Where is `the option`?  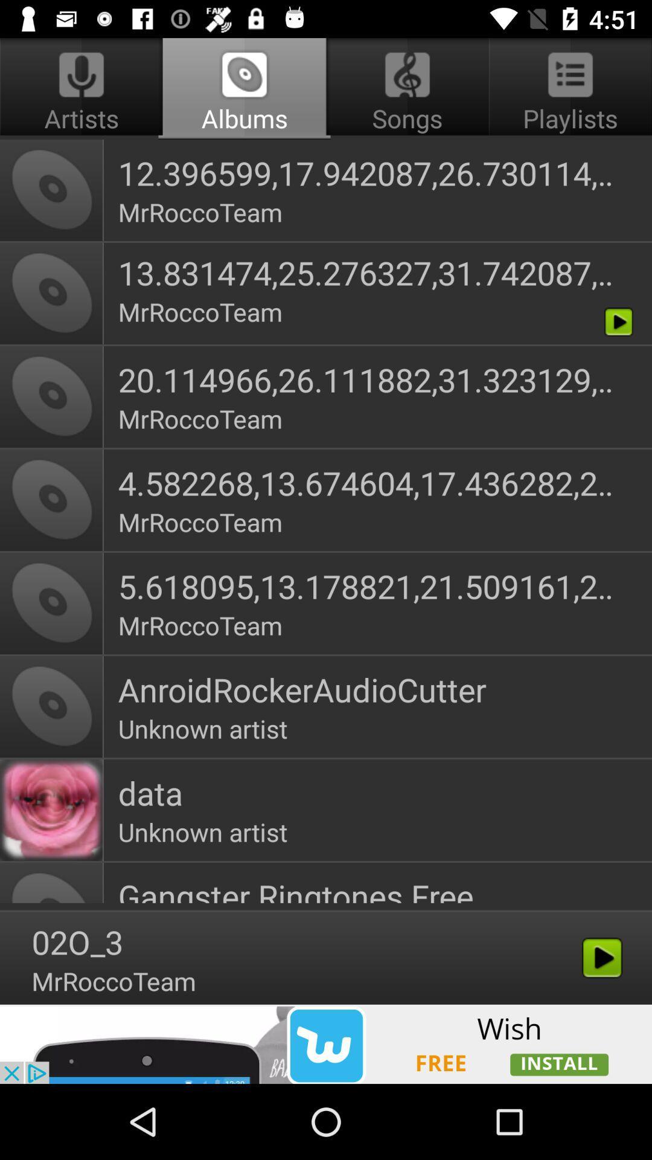
the option is located at coordinates (326, 1043).